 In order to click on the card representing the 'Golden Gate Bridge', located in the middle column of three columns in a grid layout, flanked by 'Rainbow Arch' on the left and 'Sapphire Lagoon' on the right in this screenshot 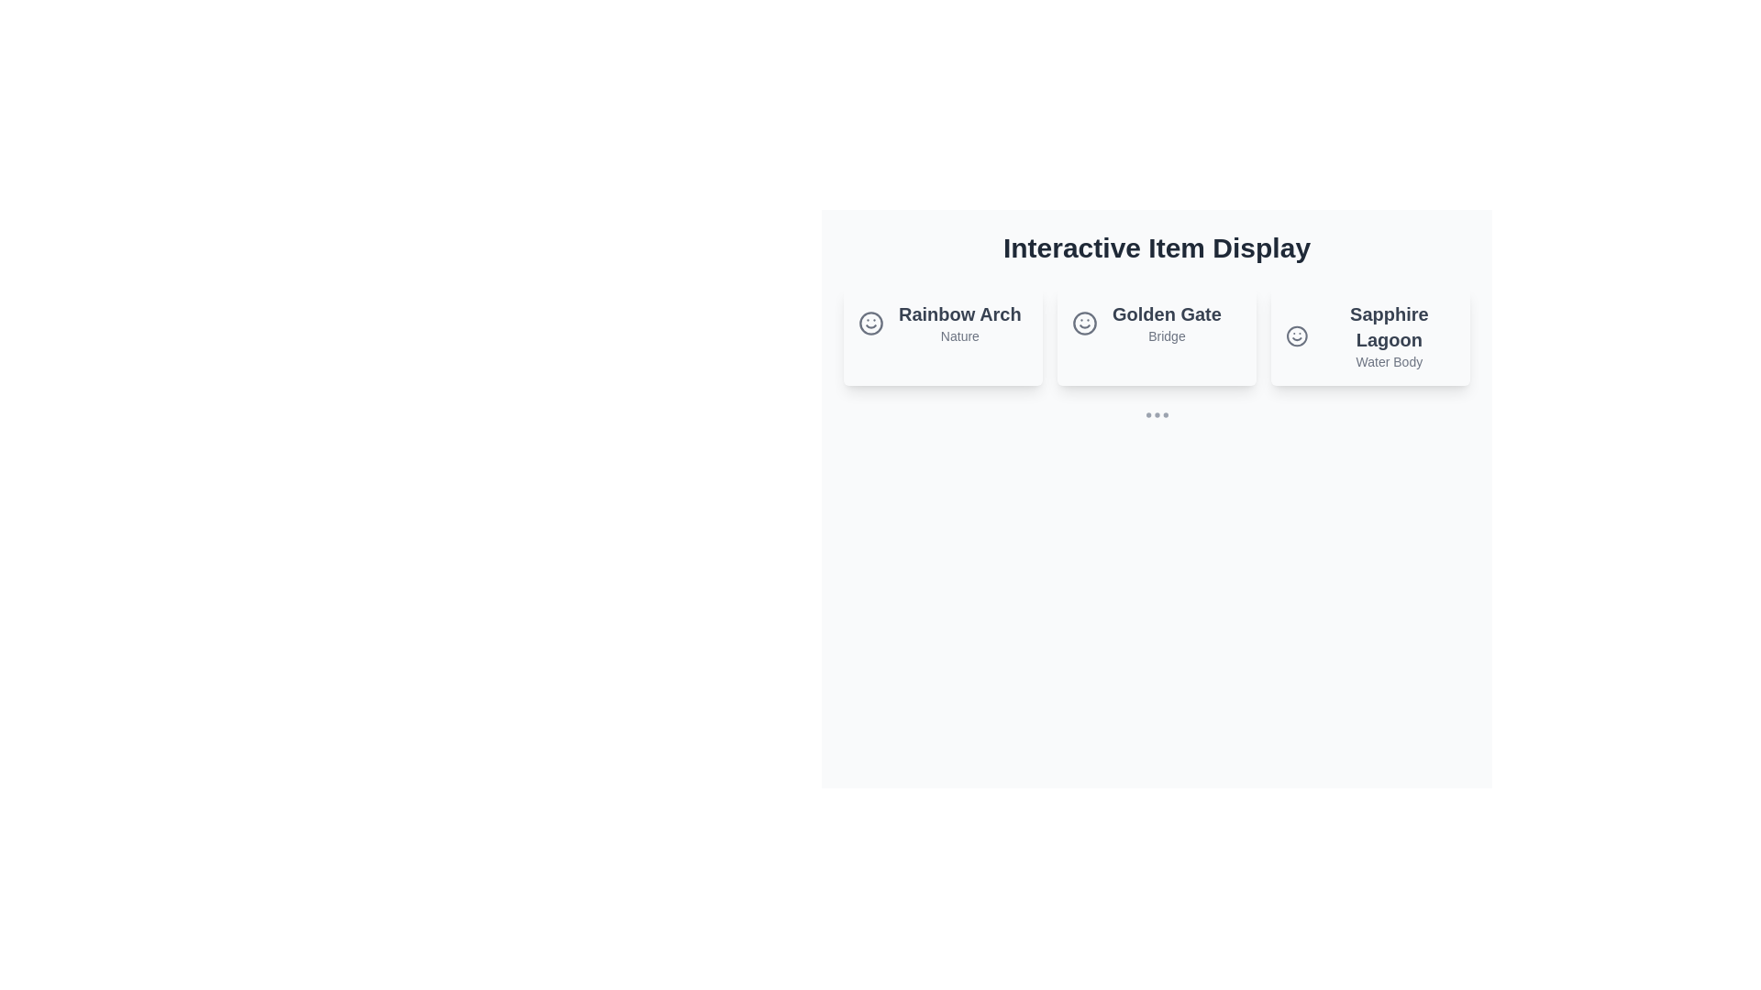, I will do `click(1156, 335)`.